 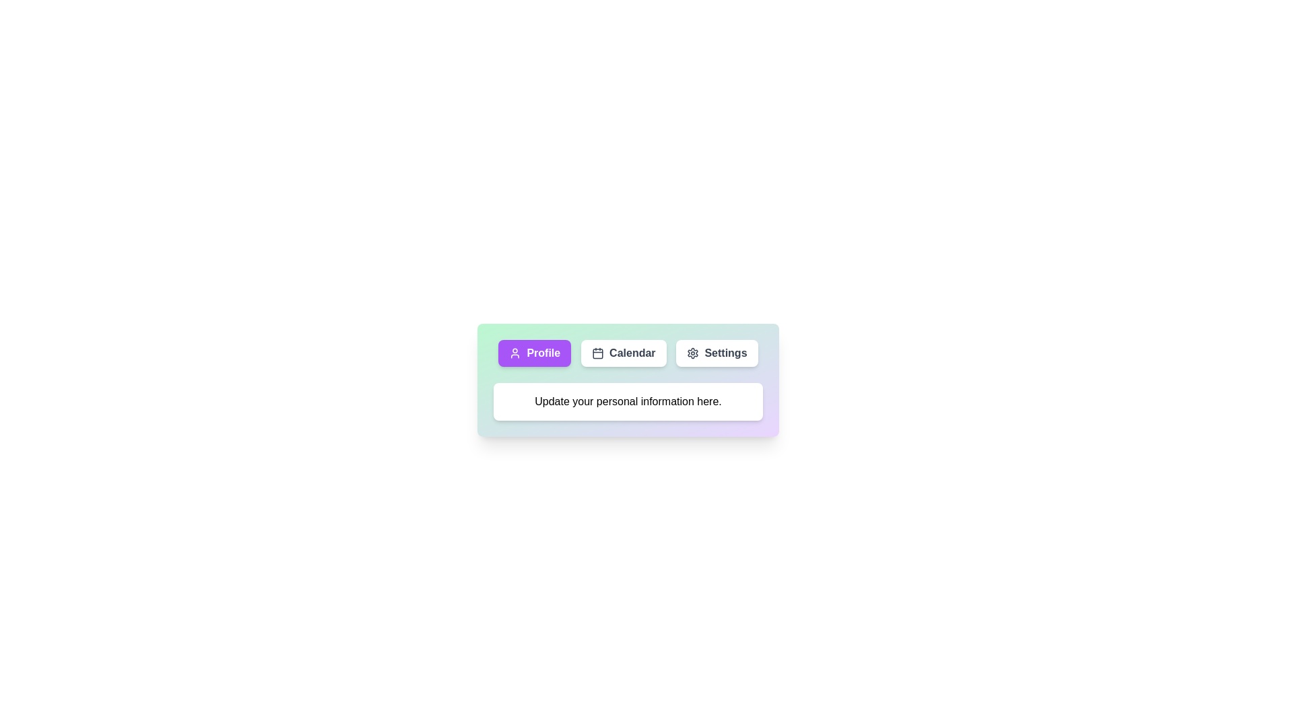 I want to click on the first button labeled 'Profile' located at the bottom-center of the interface to observe related effects like scaling, so click(x=534, y=352).